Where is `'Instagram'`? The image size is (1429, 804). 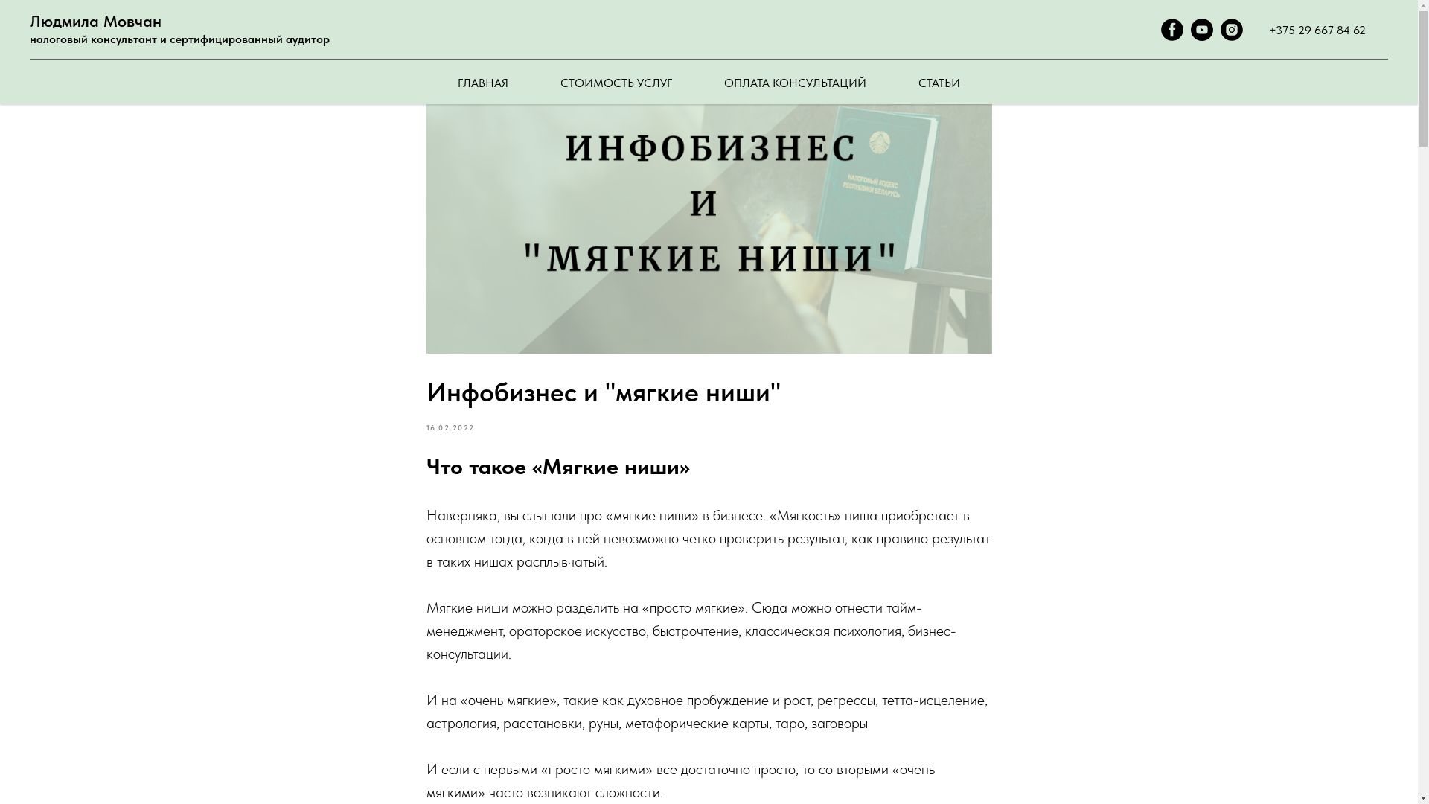 'Instagram' is located at coordinates (1232, 36).